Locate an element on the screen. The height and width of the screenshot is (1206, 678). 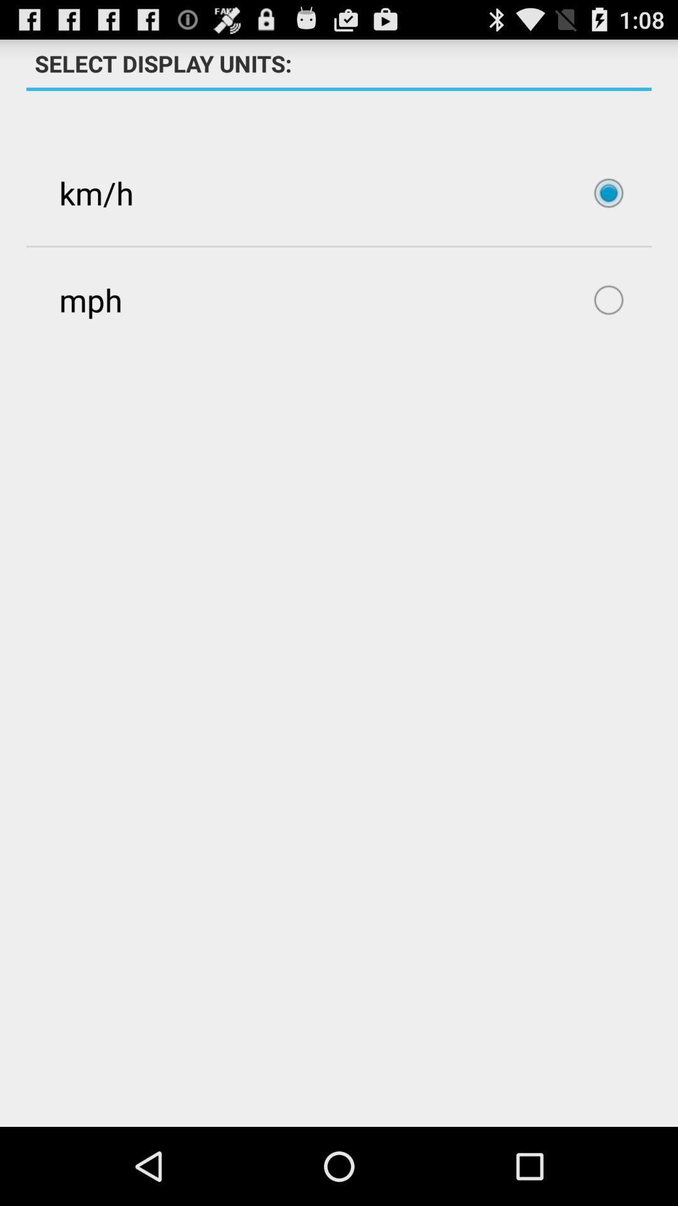
mph icon is located at coordinates (339, 299).